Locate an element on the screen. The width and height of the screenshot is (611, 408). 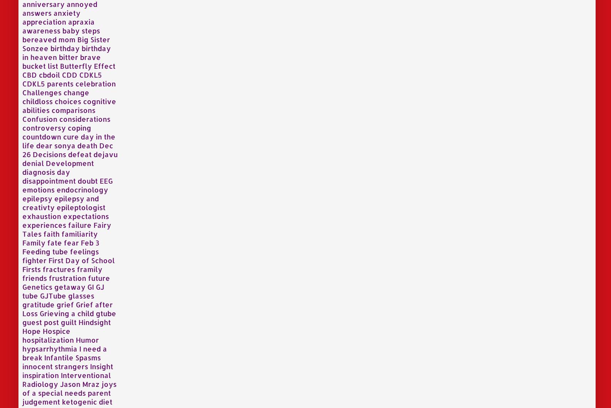
'bucket list' is located at coordinates (40, 65).